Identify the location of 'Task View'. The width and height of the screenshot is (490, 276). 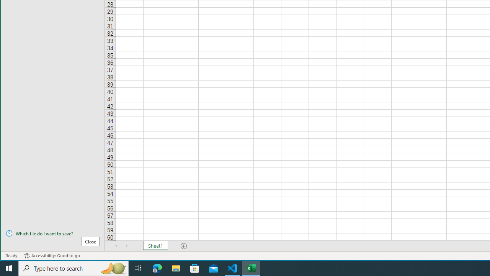
(137, 268).